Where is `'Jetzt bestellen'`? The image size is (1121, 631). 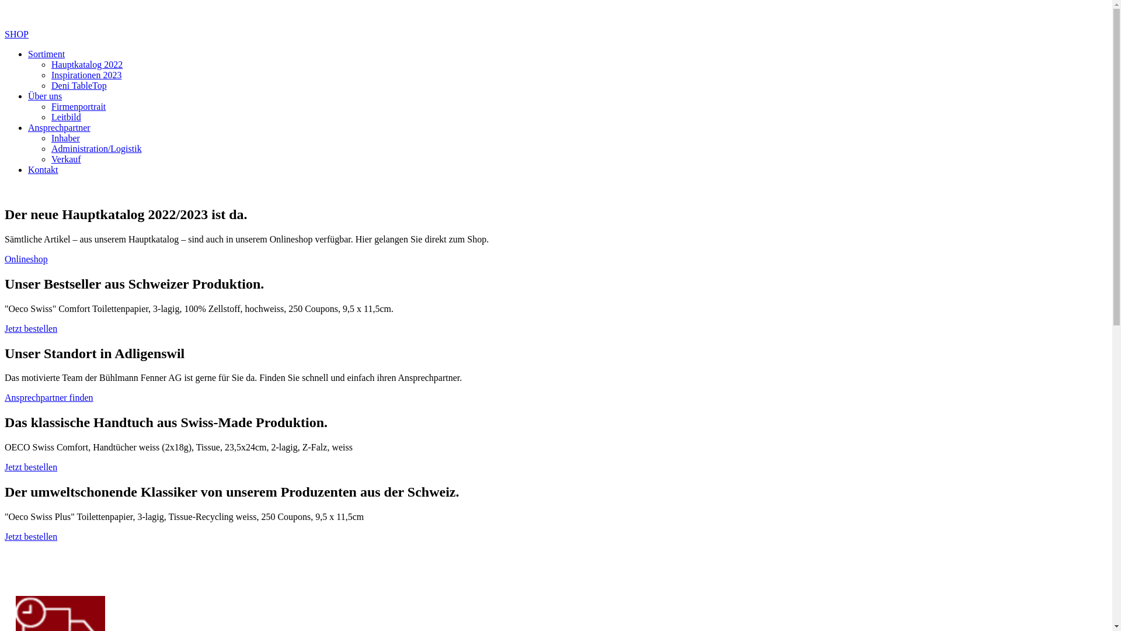 'Jetzt bestellen' is located at coordinates (30, 536).